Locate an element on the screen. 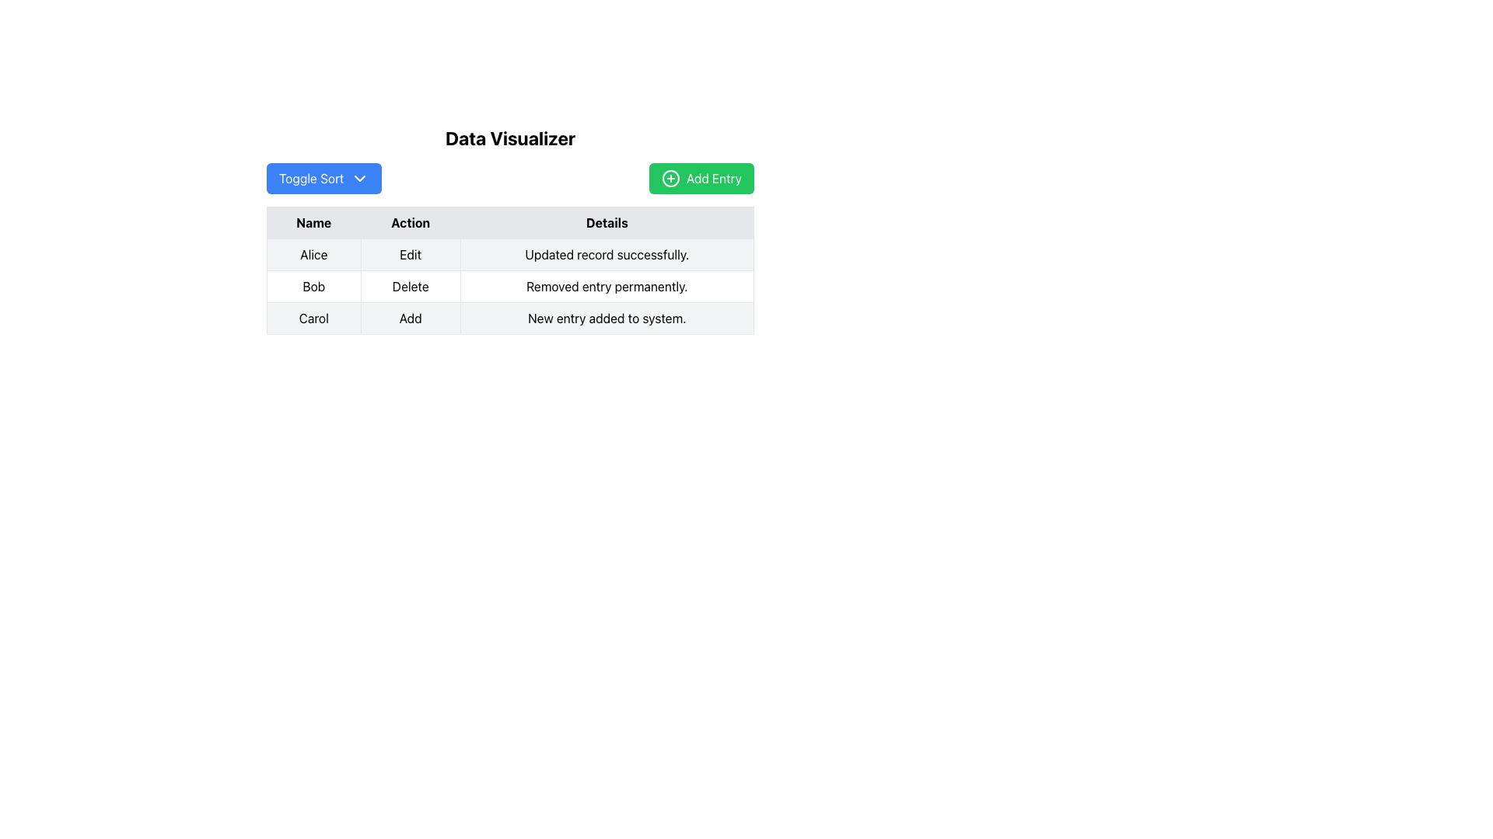 This screenshot has height=839, width=1493. the Table Header Cell that labels the 'Action' column, located in the second column of the table header row, between the 'Name' and 'Details' columns is located at coordinates (411, 222).